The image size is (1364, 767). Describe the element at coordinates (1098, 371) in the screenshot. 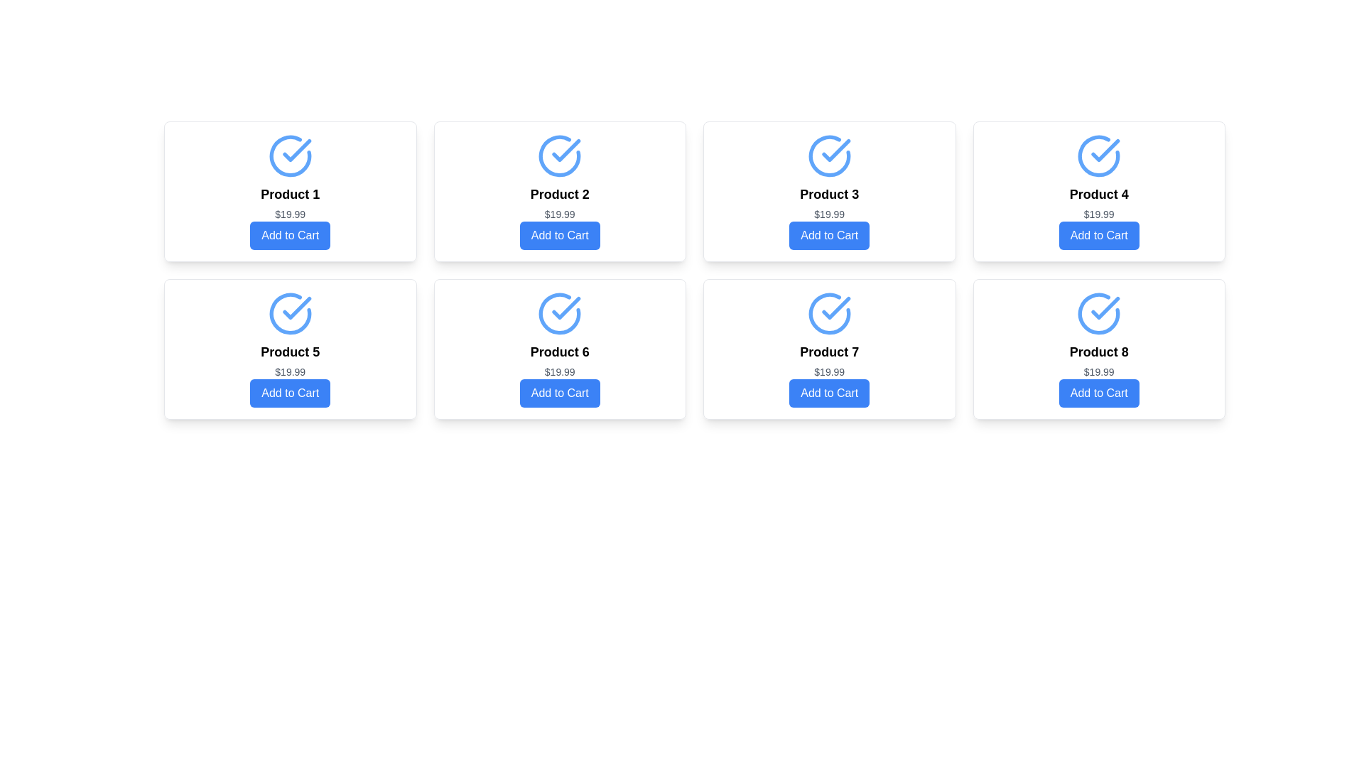

I see `text displaying the price "$19.99" located in the product card for "Product 8", positioned below the product title and above the "Add to Cart" button` at that location.